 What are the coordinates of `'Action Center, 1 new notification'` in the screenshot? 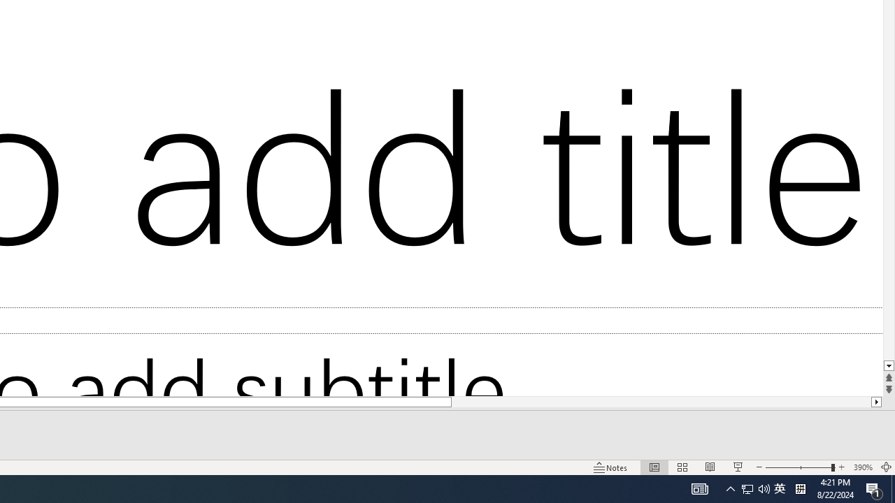 It's located at (874, 488).